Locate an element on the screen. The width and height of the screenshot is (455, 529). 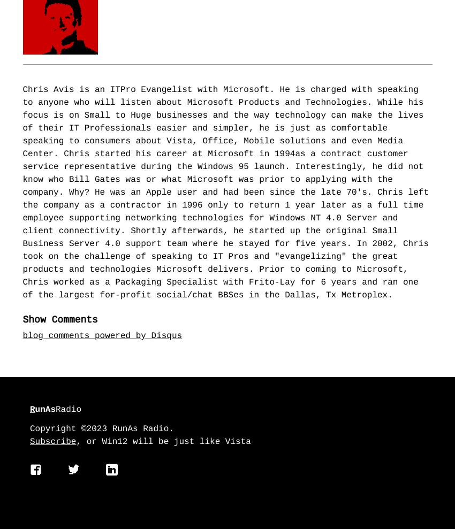
'Subscribe' is located at coordinates (52, 442).